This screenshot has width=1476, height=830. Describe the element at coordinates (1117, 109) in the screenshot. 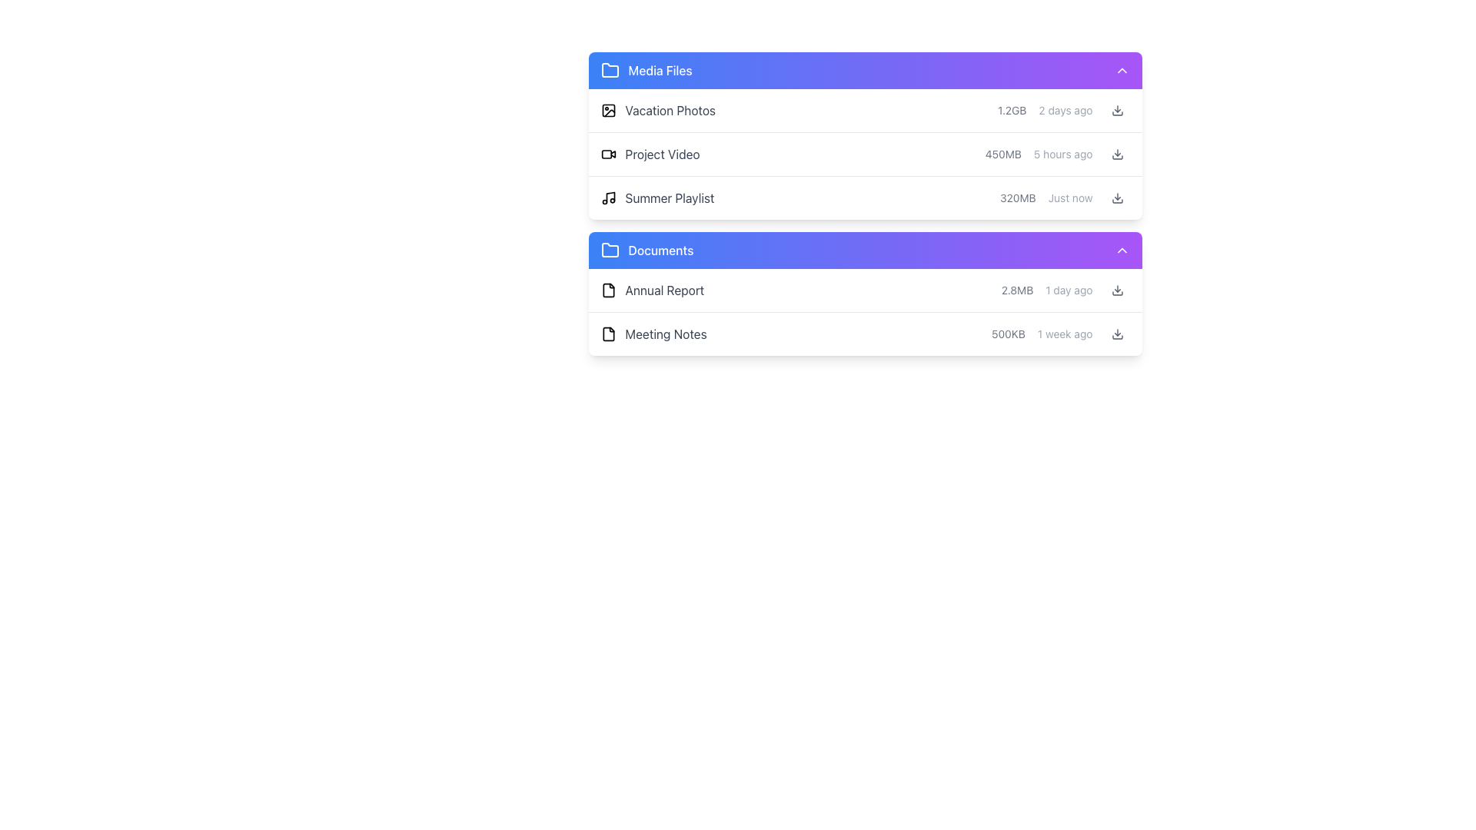

I see `the download icon button for the 'Annual Report'` at that location.